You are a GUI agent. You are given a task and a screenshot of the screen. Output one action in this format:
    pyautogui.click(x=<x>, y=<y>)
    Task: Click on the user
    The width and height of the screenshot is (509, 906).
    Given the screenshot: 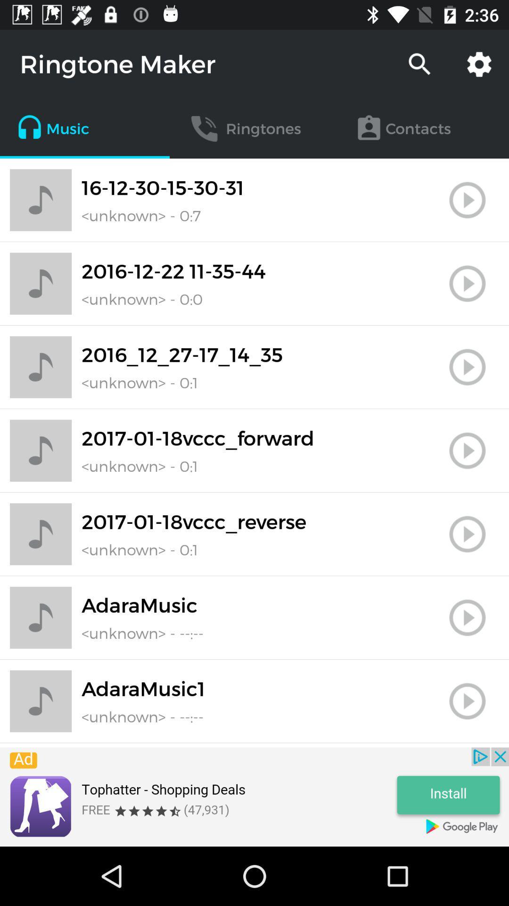 What is the action you would take?
    pyautogui.click(x=467, y=618)
    